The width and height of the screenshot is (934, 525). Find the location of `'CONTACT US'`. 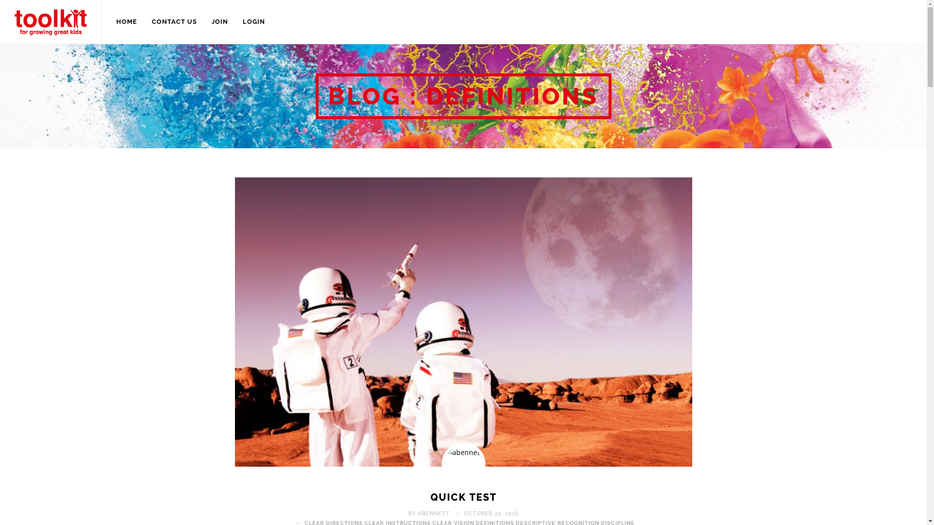

'CONTACT US' is located at coordinates (174, 22).